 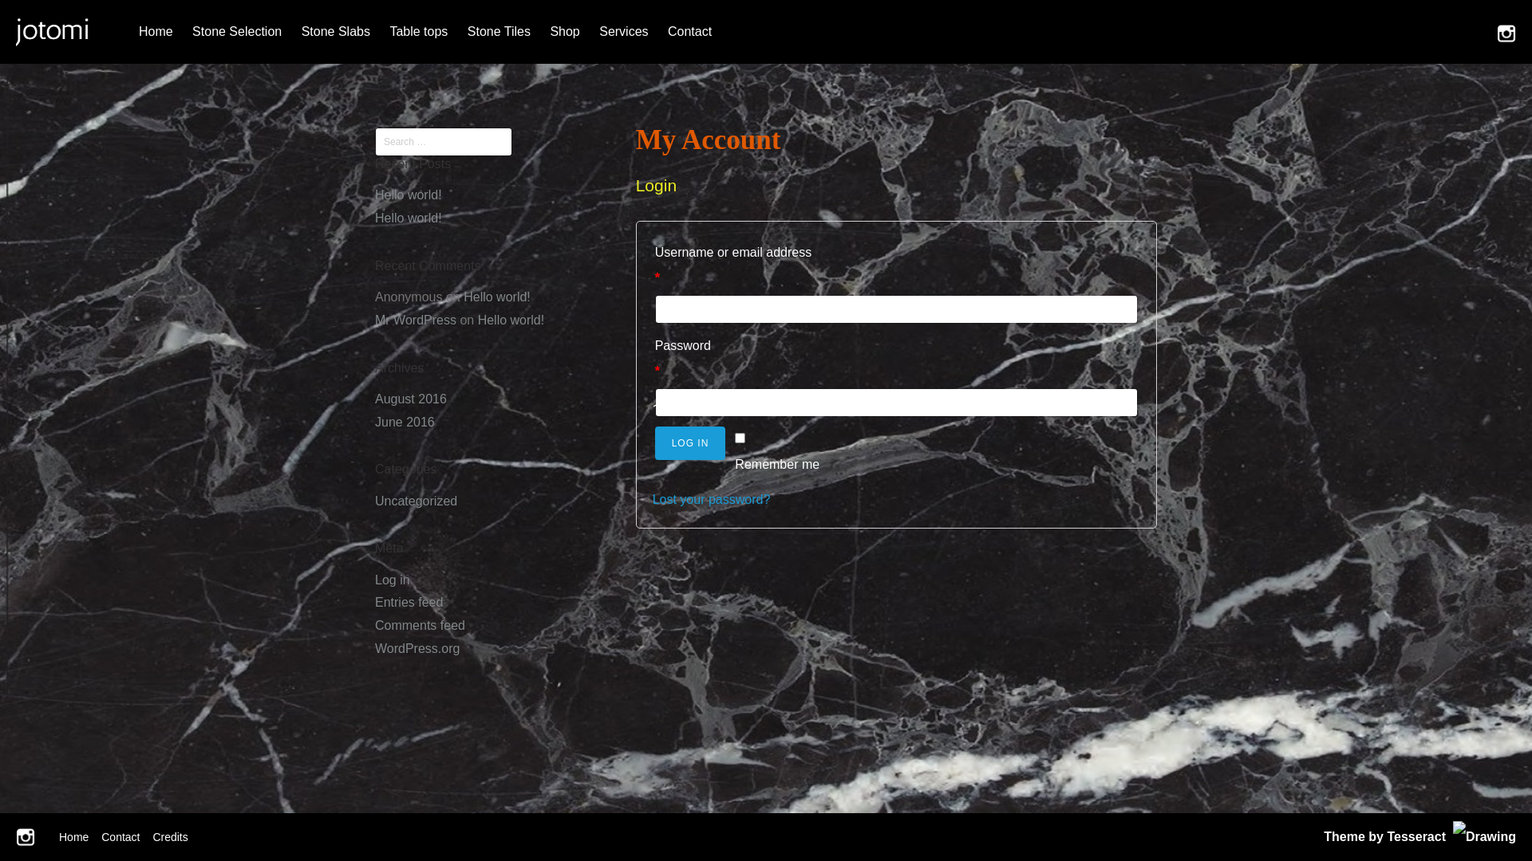 I want to click on 'Hello world!', so click(x=409, y=194).